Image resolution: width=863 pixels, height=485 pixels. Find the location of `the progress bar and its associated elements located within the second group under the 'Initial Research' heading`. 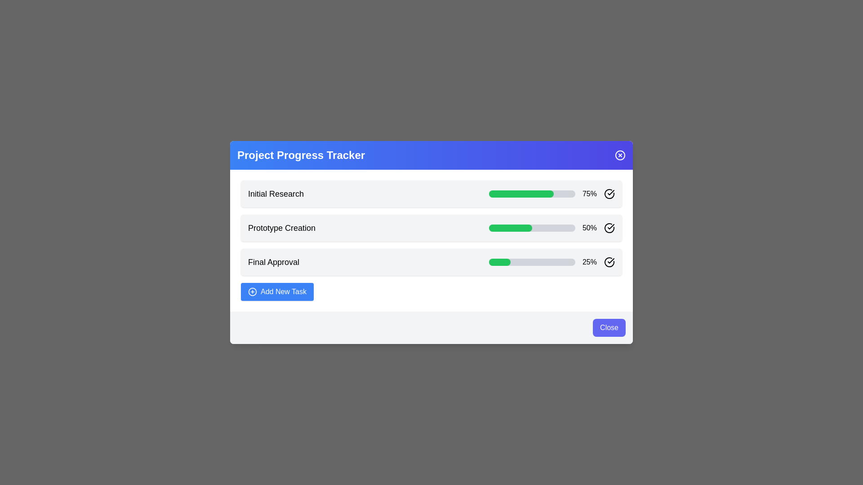

the progress bar and its associated elements located within the second group under the 'Initial Research' heading is located at coordinates (552, 194).